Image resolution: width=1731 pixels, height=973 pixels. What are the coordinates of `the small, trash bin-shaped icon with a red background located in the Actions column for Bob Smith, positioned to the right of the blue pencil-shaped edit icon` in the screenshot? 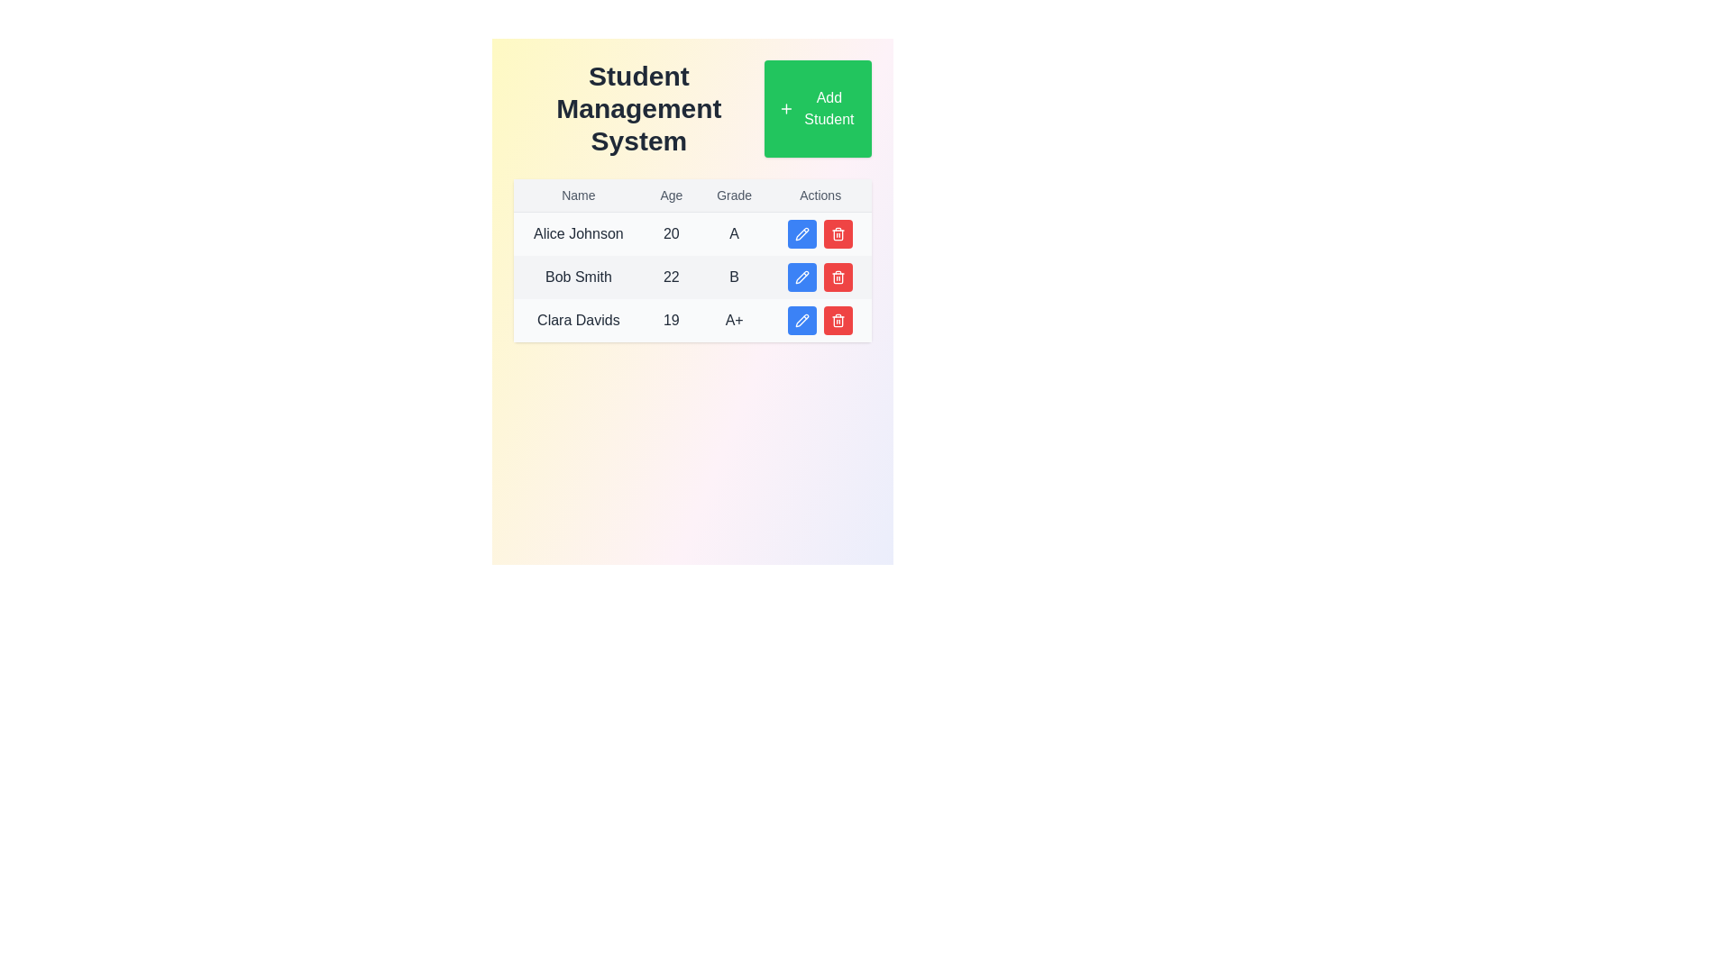 It's located at (838, 277).